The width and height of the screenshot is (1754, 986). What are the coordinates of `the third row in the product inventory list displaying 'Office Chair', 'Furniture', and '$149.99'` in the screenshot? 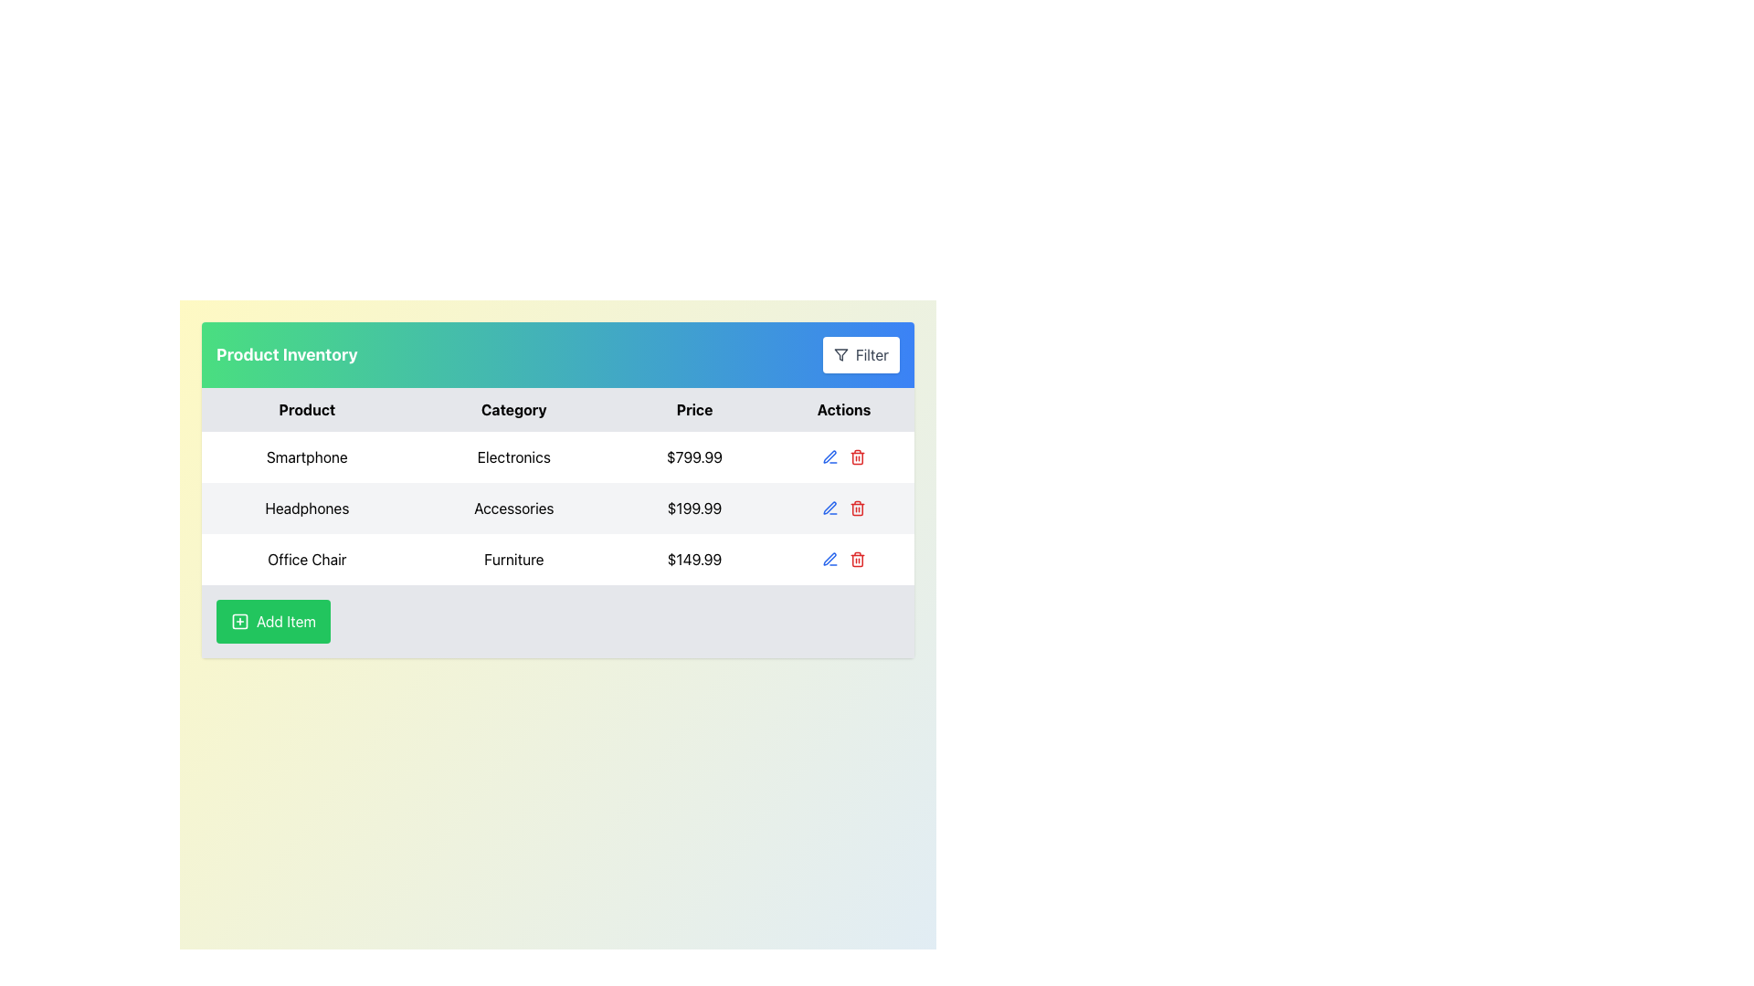 It's located at (556, 559).